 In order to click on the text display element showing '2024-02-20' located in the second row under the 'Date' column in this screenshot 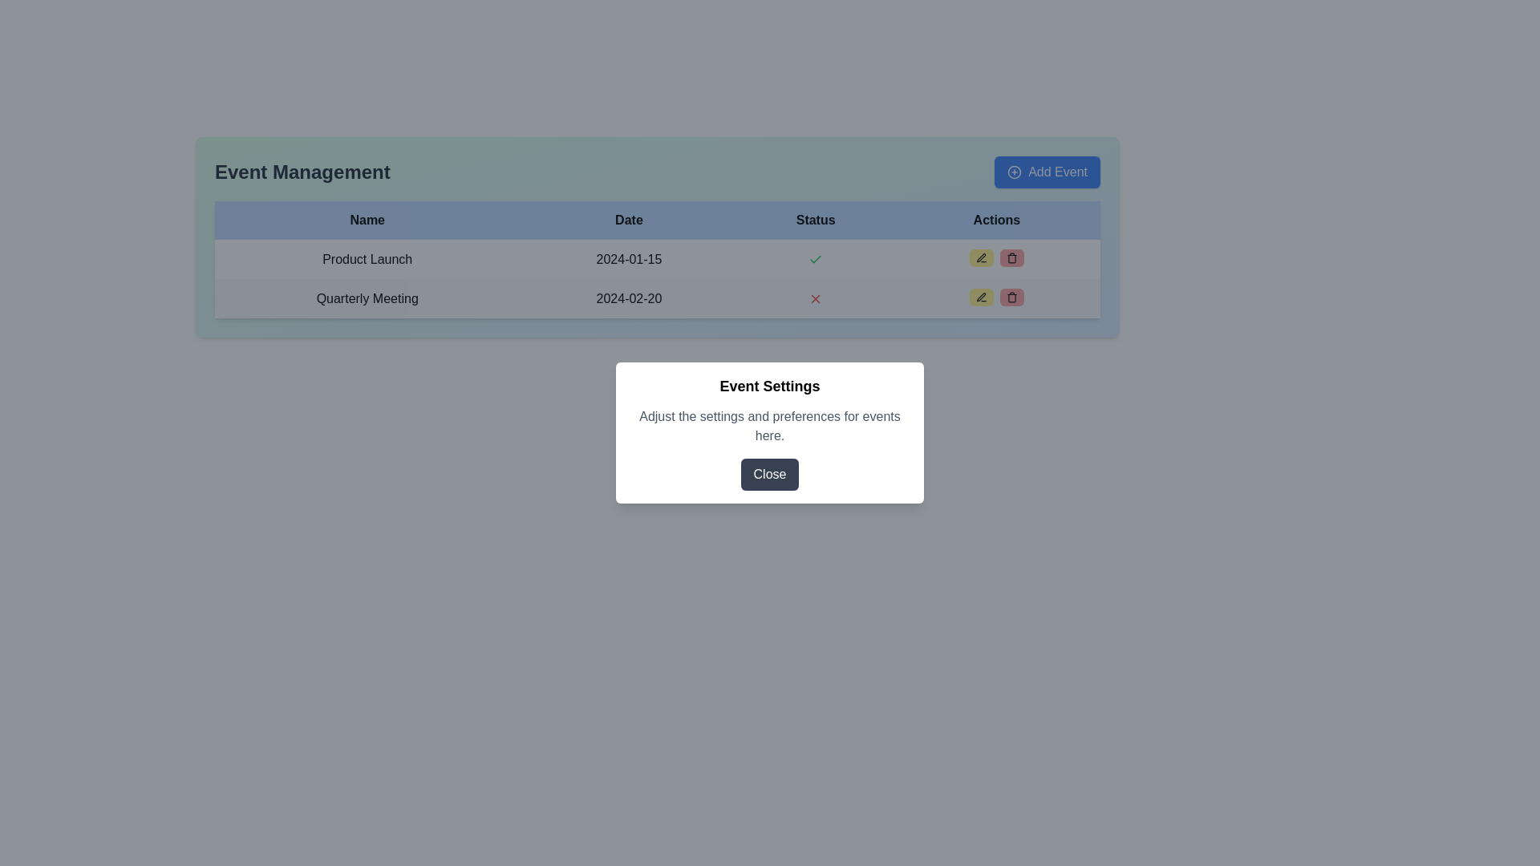, I will do `click(658, 298)`.